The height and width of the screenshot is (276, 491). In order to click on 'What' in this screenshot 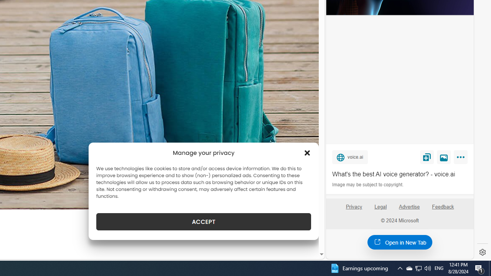, I will do `click(399, 174)`.